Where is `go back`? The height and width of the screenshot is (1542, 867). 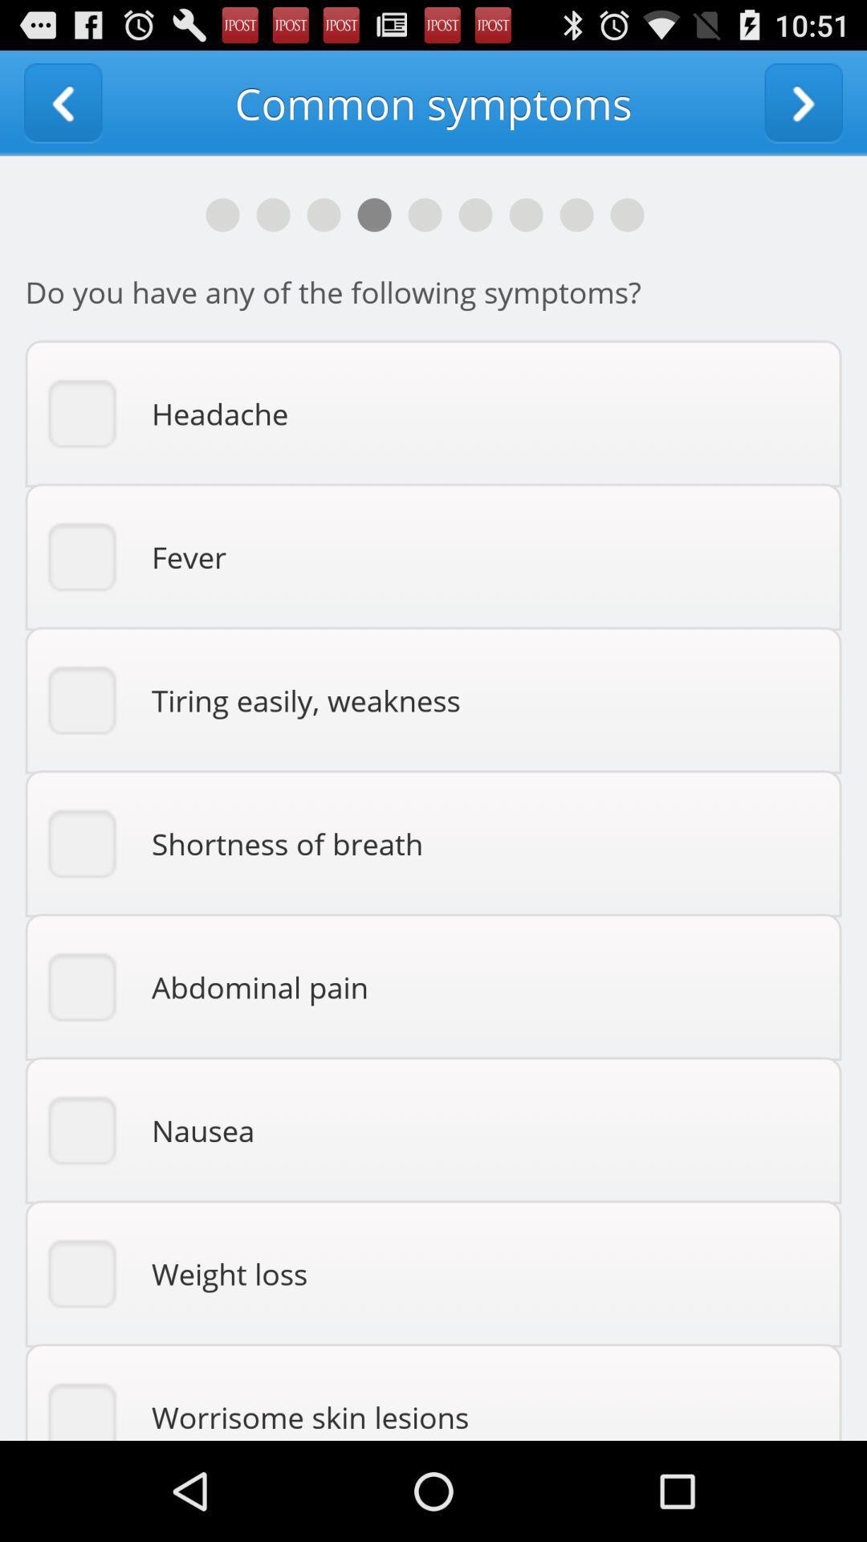
go back is located at coordinates (62, 102).